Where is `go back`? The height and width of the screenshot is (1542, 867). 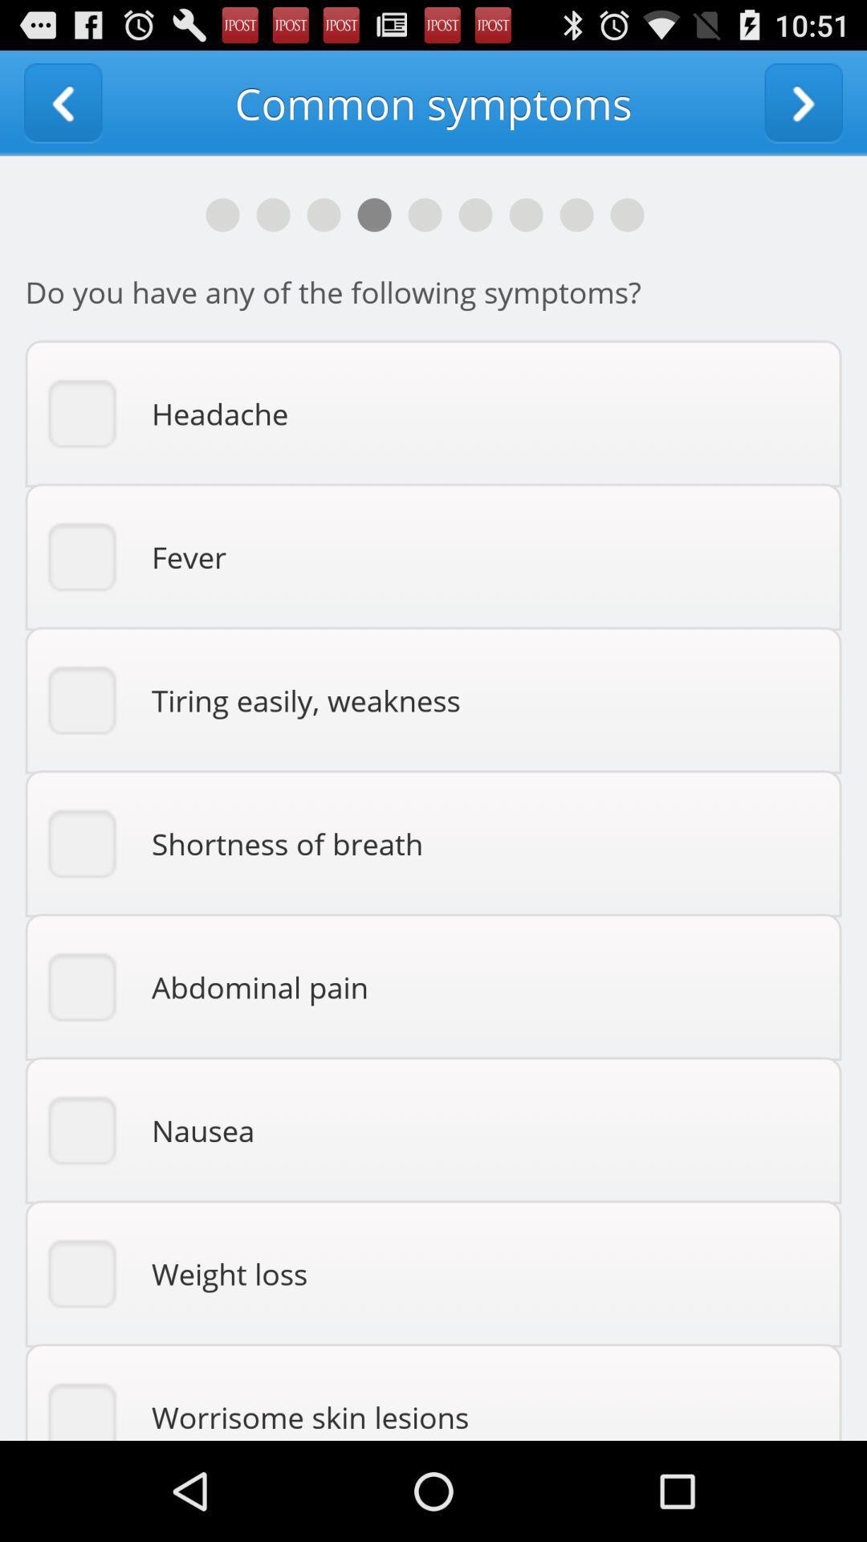
go back is located at coordinates (62, 102).